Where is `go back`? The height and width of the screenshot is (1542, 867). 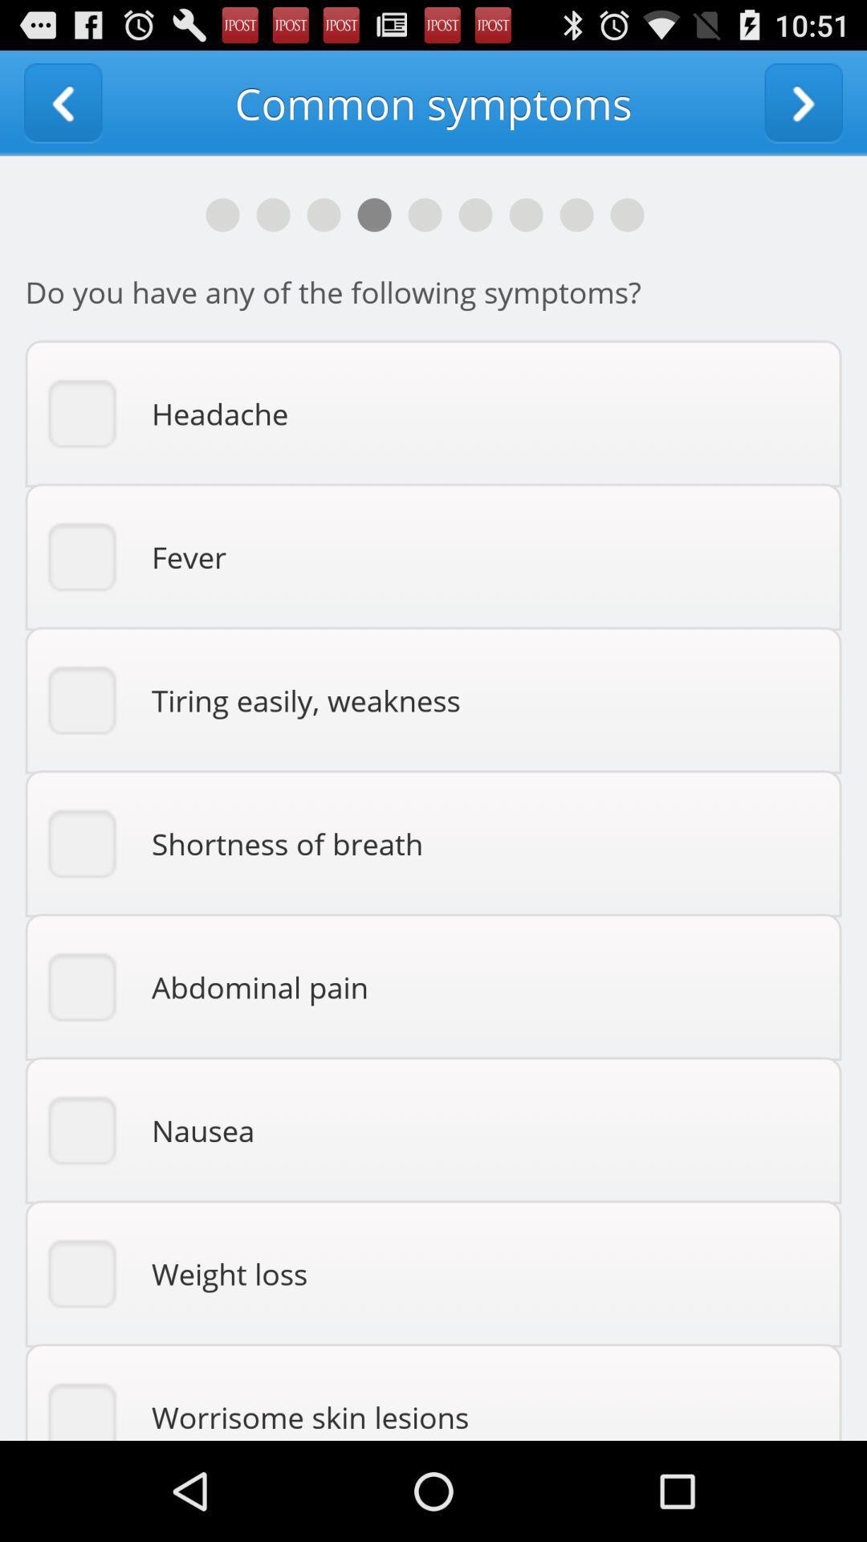
go back is located at coordinates (62, 102).